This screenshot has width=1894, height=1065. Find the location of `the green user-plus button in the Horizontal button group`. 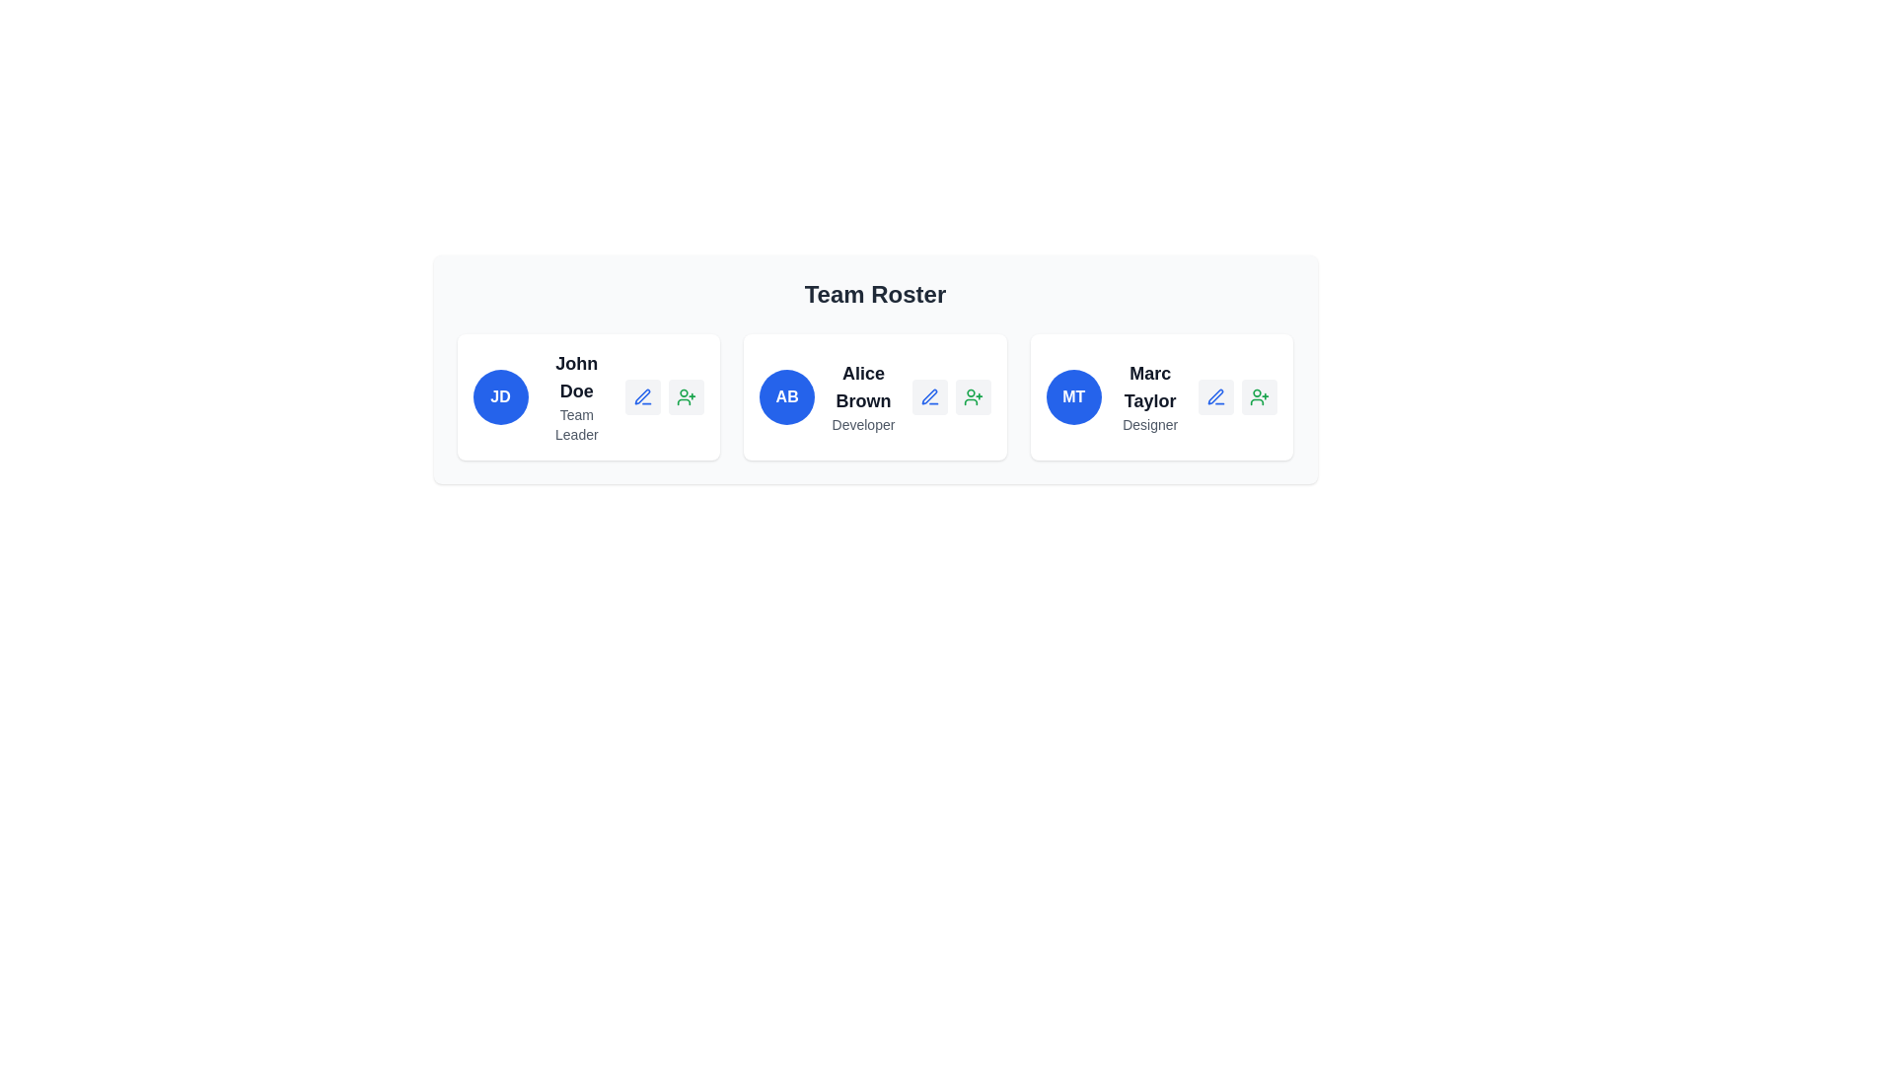

the green user-plus button in the Horizontal button group is located at coordinates (664, 396).